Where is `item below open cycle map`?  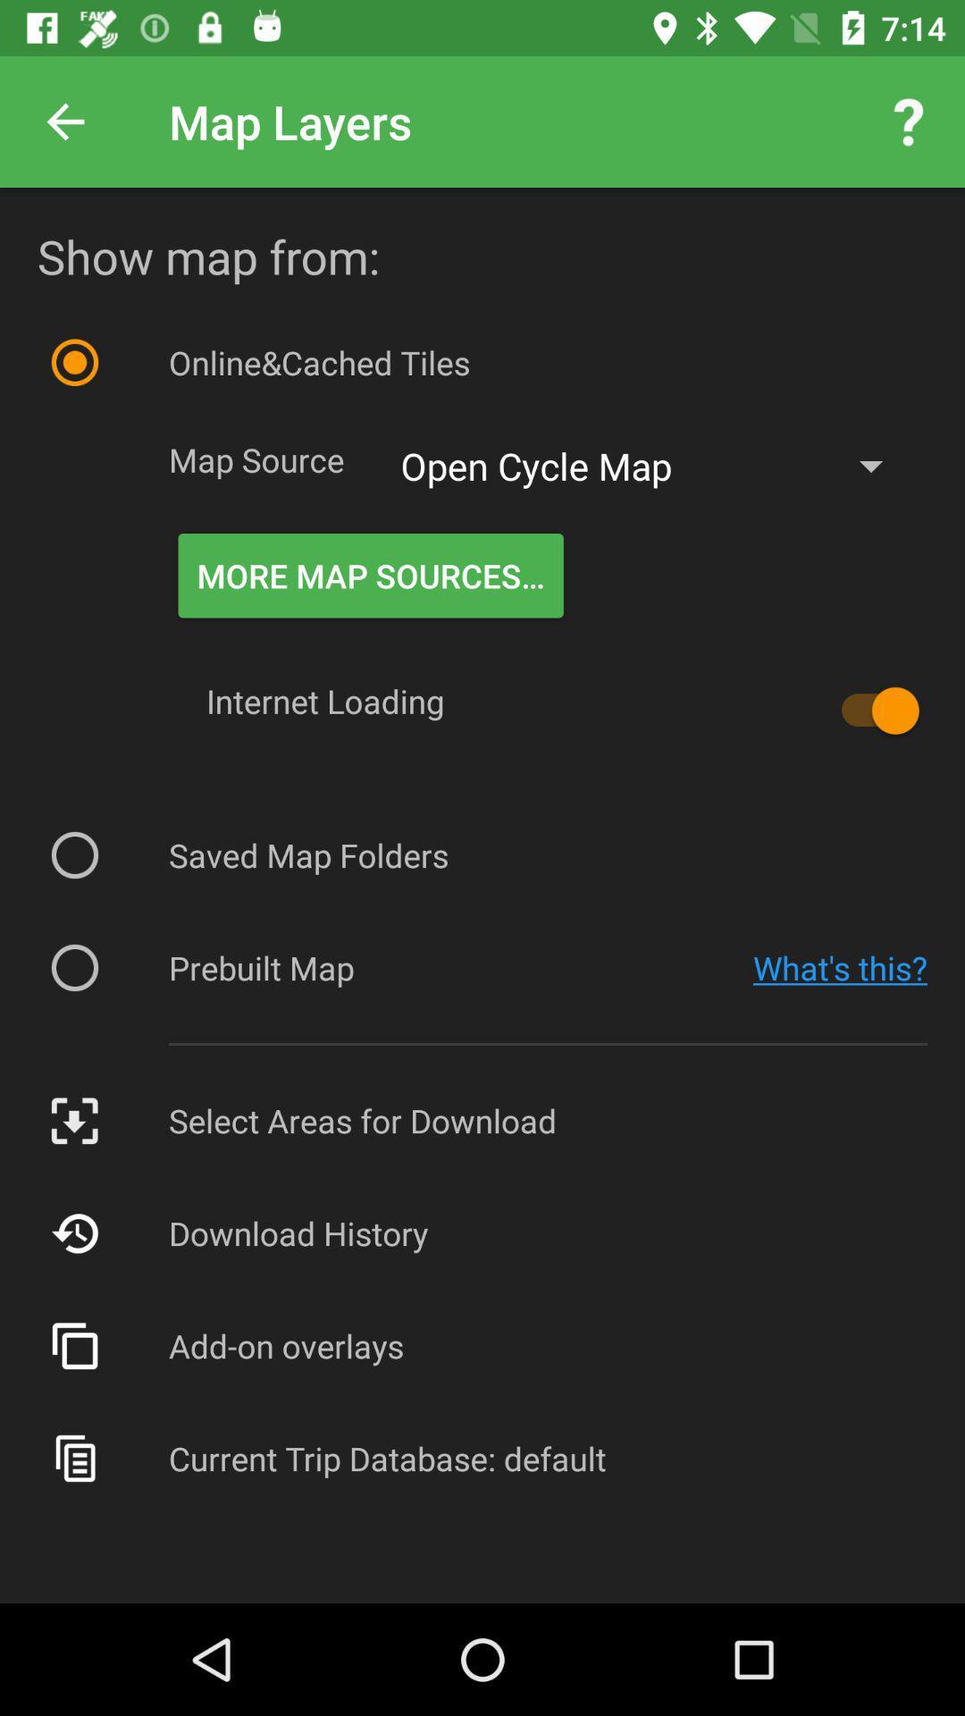
item below open cycle map is located at coordinates (870, 710).